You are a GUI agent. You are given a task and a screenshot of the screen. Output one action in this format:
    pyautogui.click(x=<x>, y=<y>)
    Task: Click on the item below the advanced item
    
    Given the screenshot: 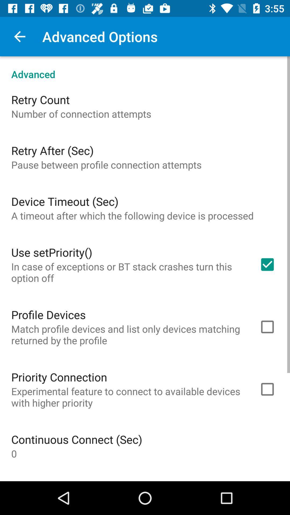 What is the action you would take?
    pyautogui.click(x=40, y=100)
    